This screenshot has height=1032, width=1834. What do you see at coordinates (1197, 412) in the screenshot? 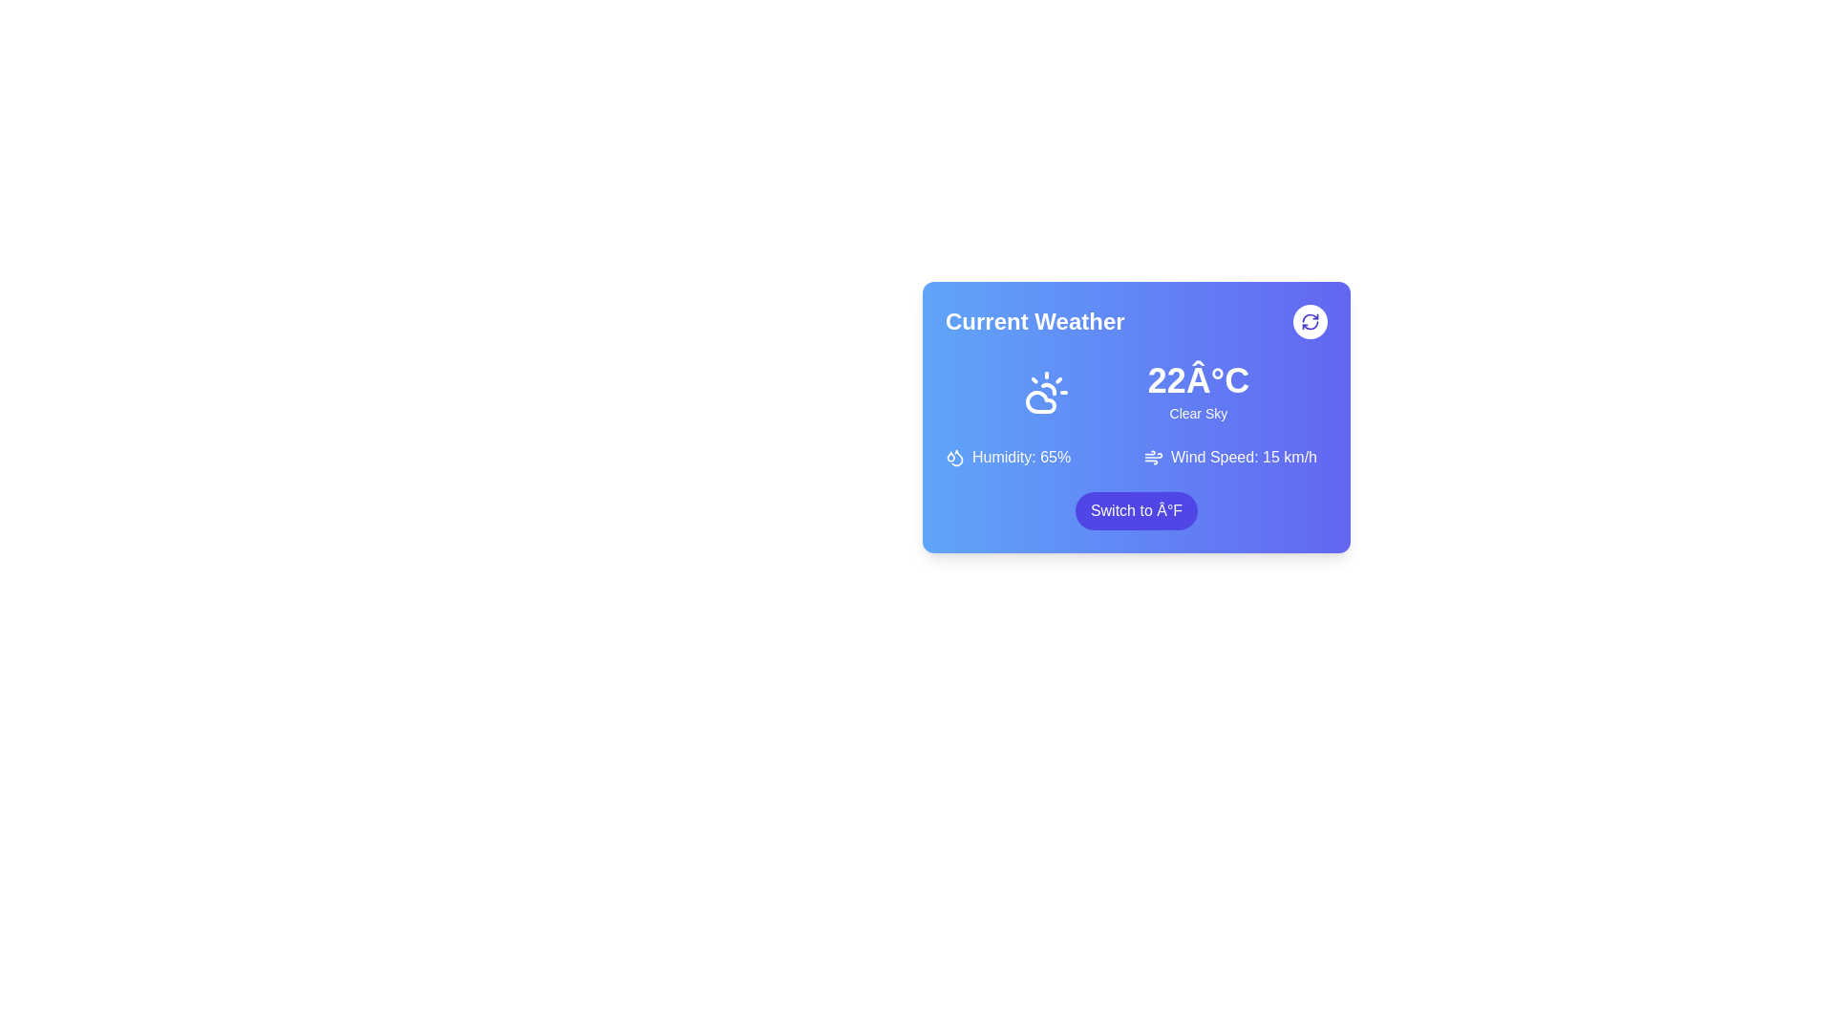
I see `the static text element that provides supplementary information about the current weather condition, indicating clear skies, located beneath the text '22Â°C' within the blue weather card` at bounding box center [1197, 412].